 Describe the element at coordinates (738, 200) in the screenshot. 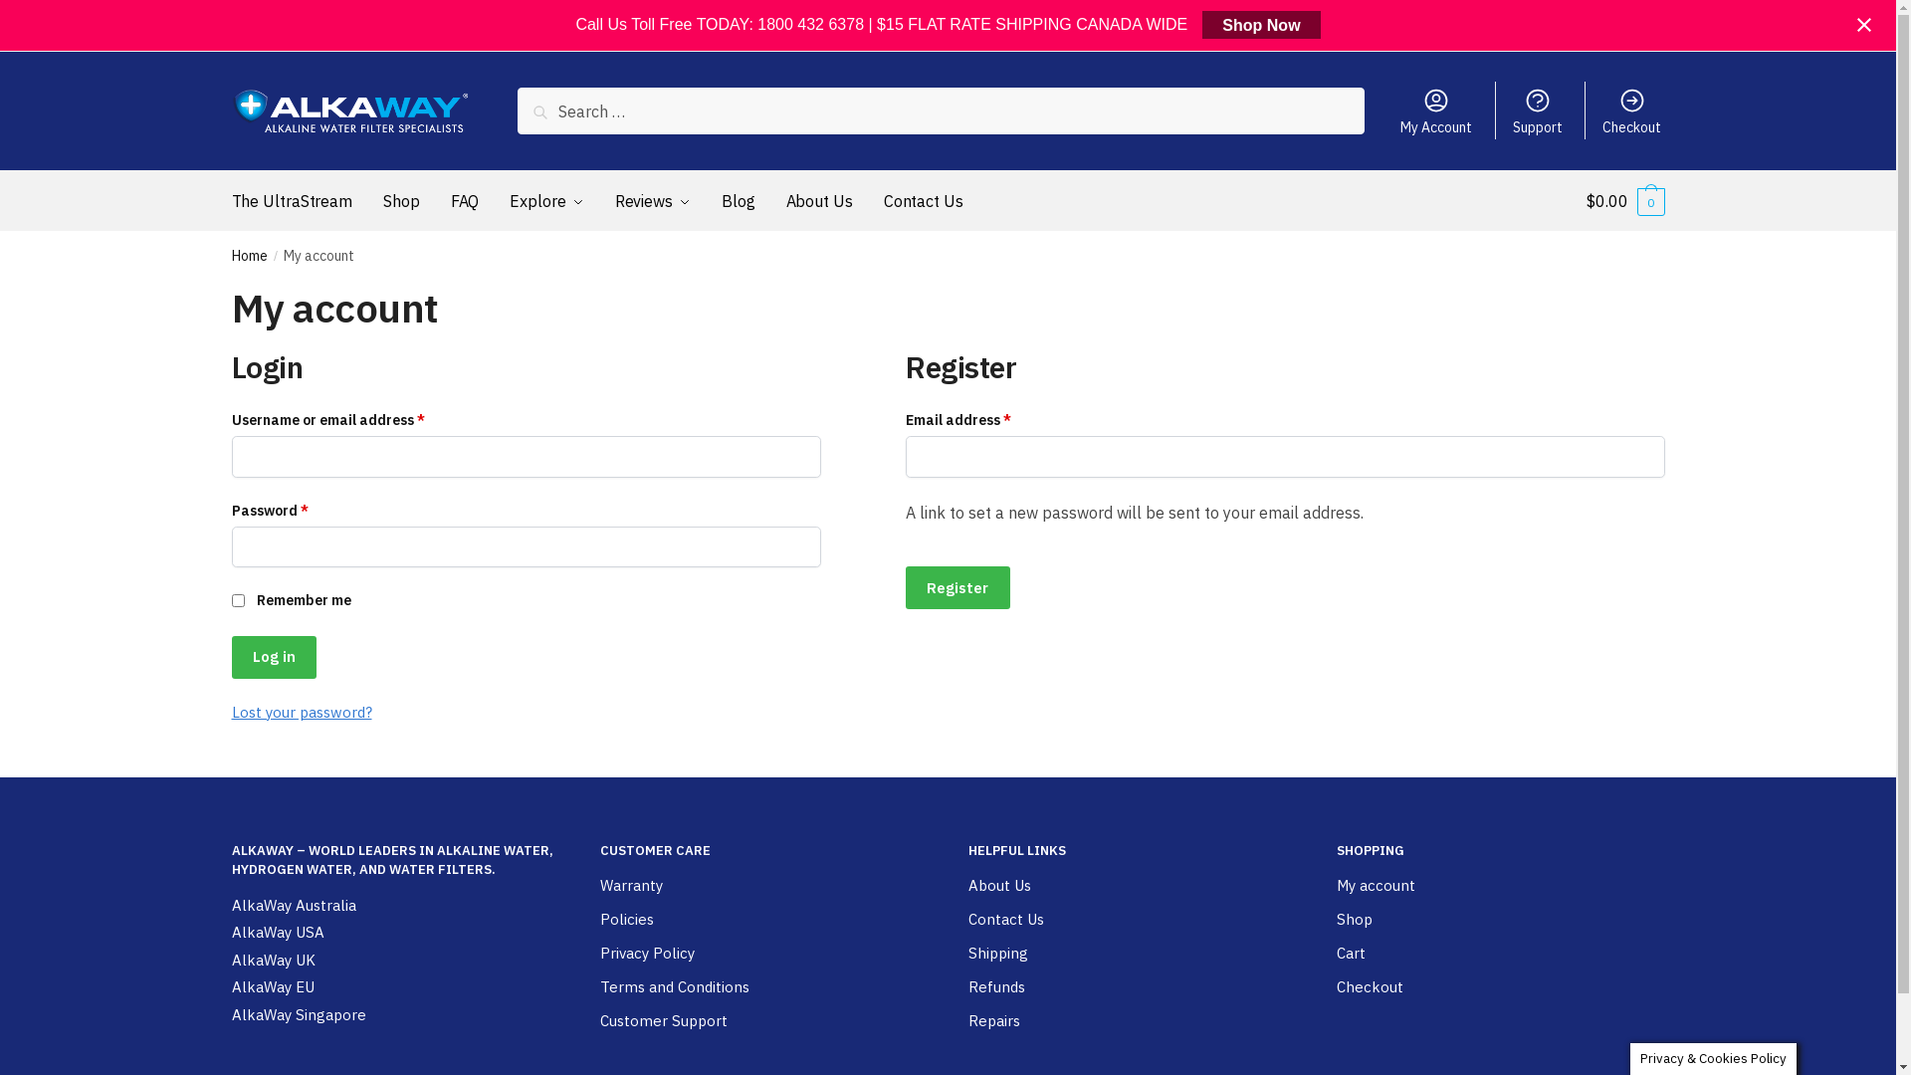

I see `'Blog'` at that location.